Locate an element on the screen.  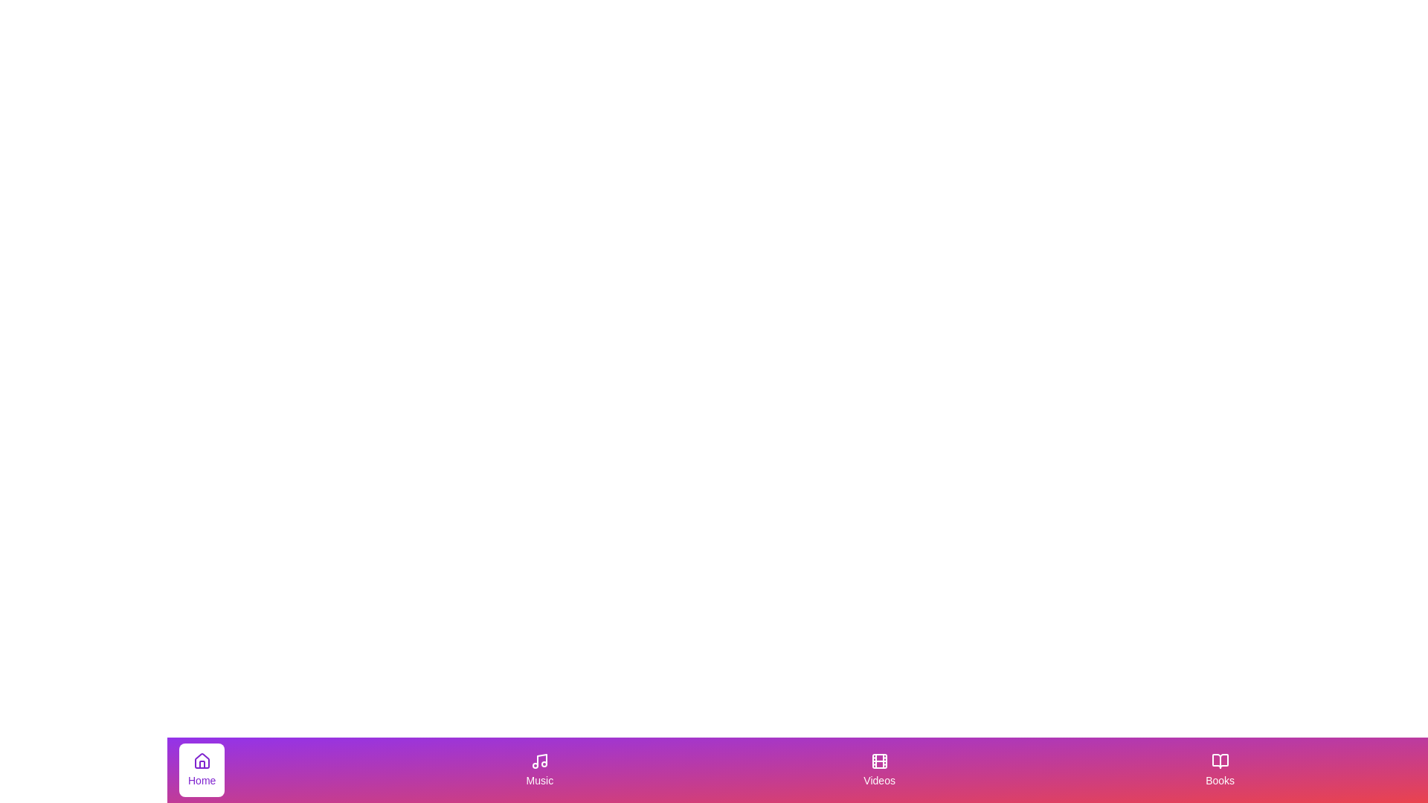
the Videos button to switch to the corresponding tab is located at coordinates (878, 770).